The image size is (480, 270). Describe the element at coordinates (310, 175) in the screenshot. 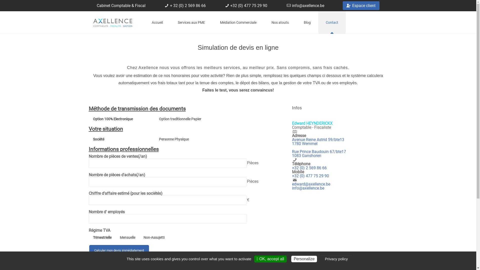

I see `'+32 (0) 477 75 29 90'` at that location.